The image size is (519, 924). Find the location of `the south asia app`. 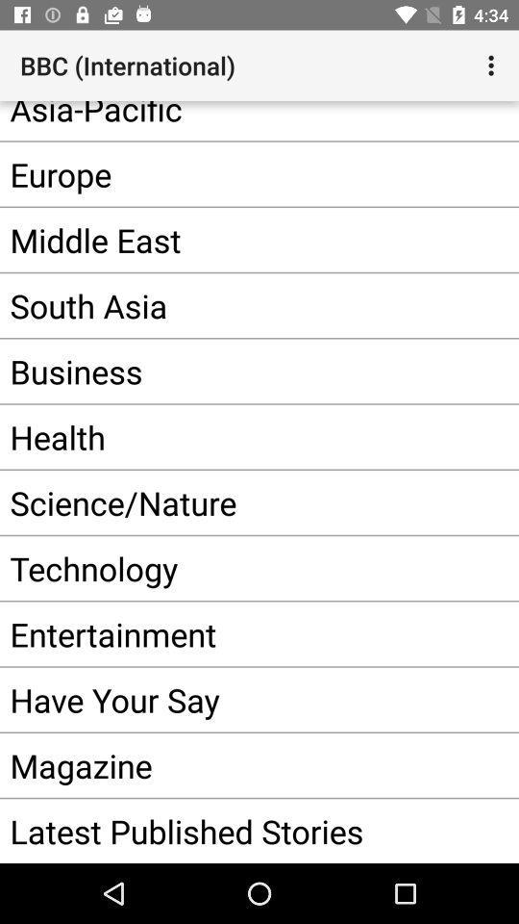

the south asia app is located at coordinates (230, 305).